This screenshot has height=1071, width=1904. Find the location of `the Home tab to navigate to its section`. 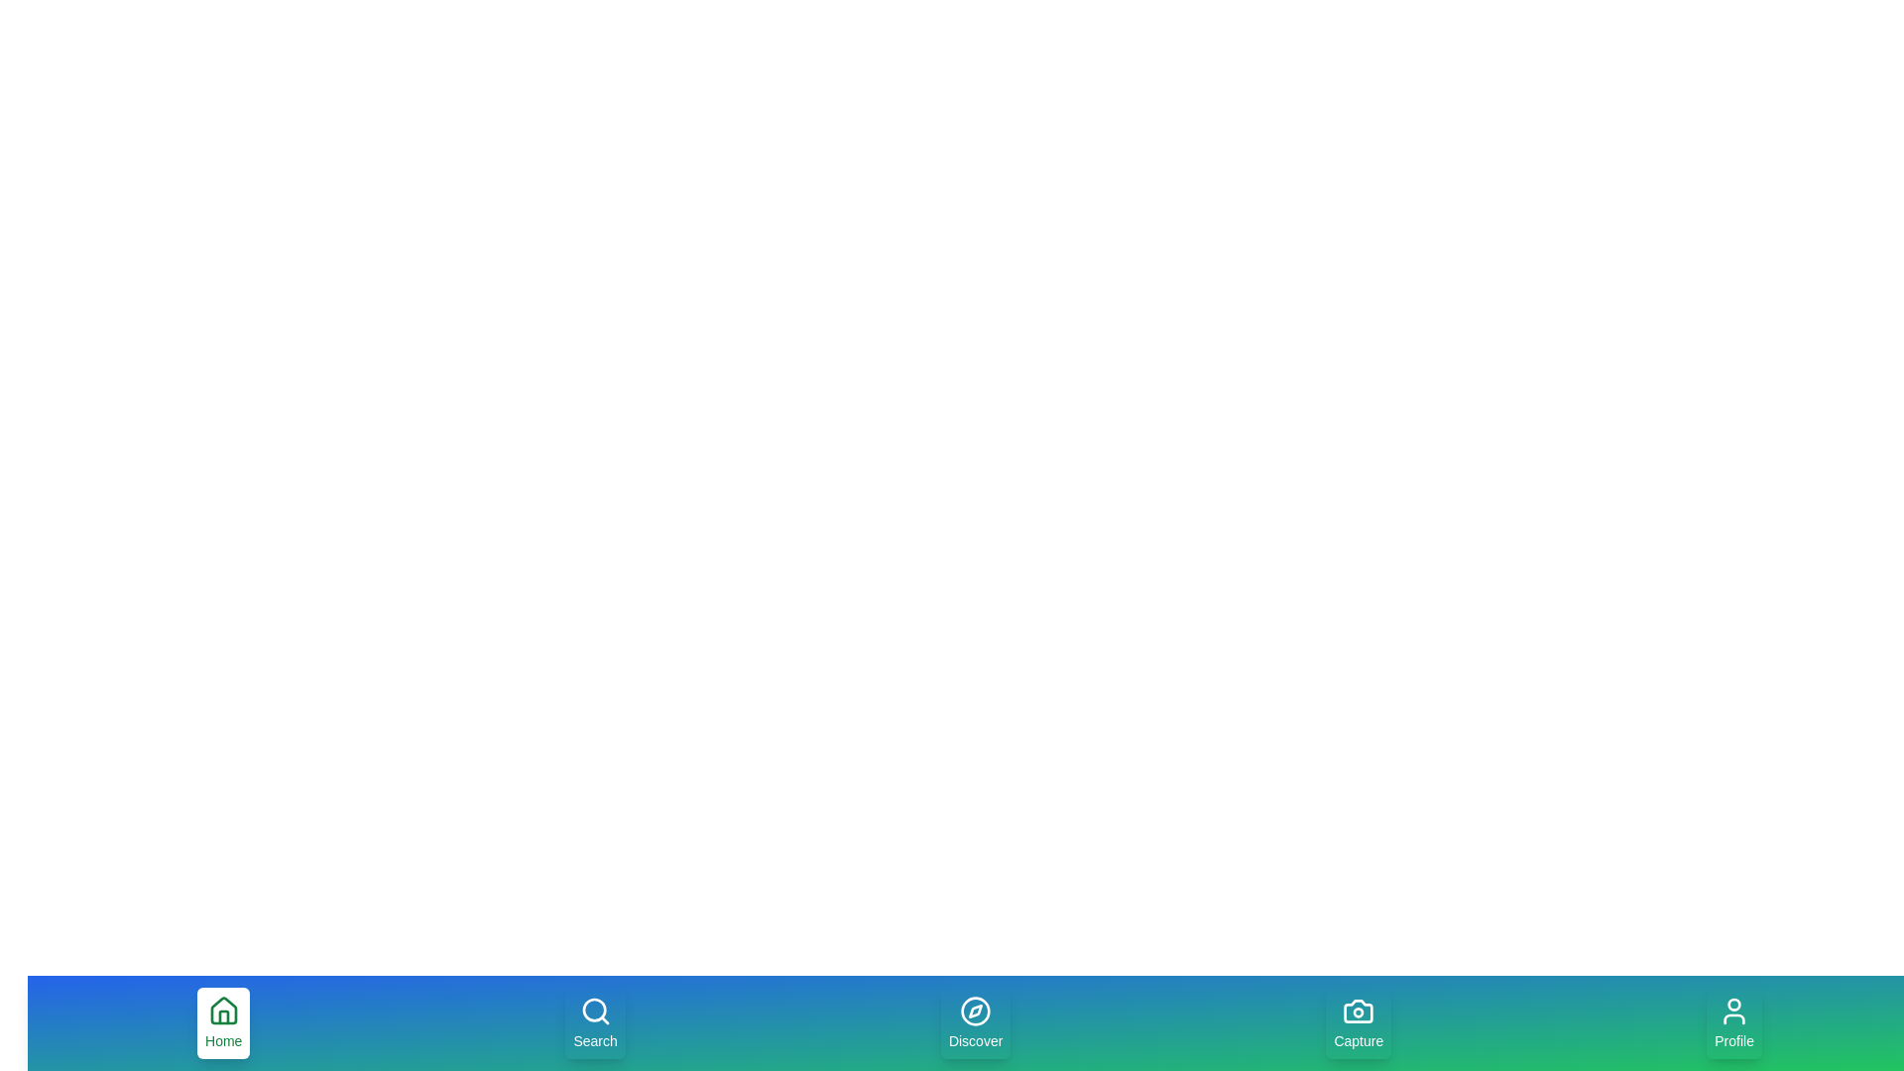

the Home tab to navigate to its section is located at coordinates (223, 1023).